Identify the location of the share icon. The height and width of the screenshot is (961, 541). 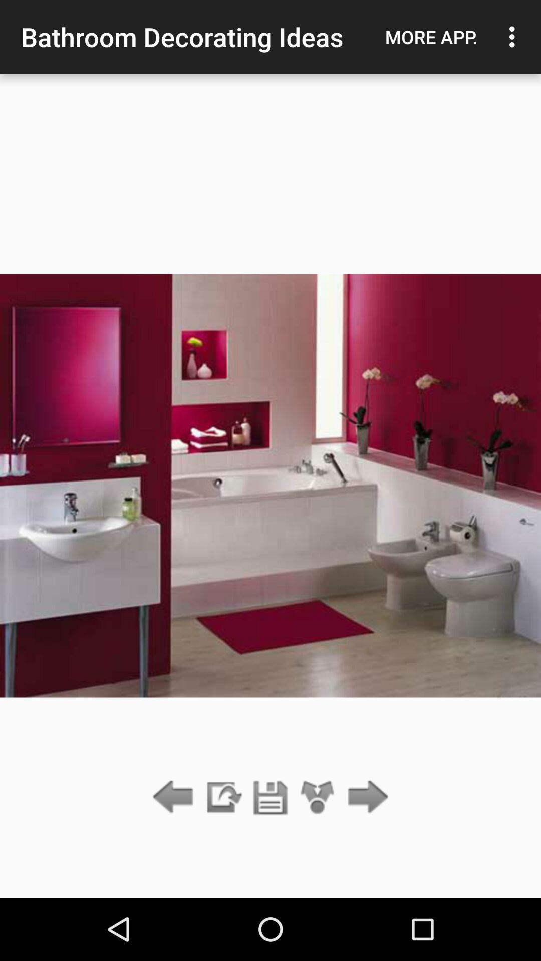
(318, 797).